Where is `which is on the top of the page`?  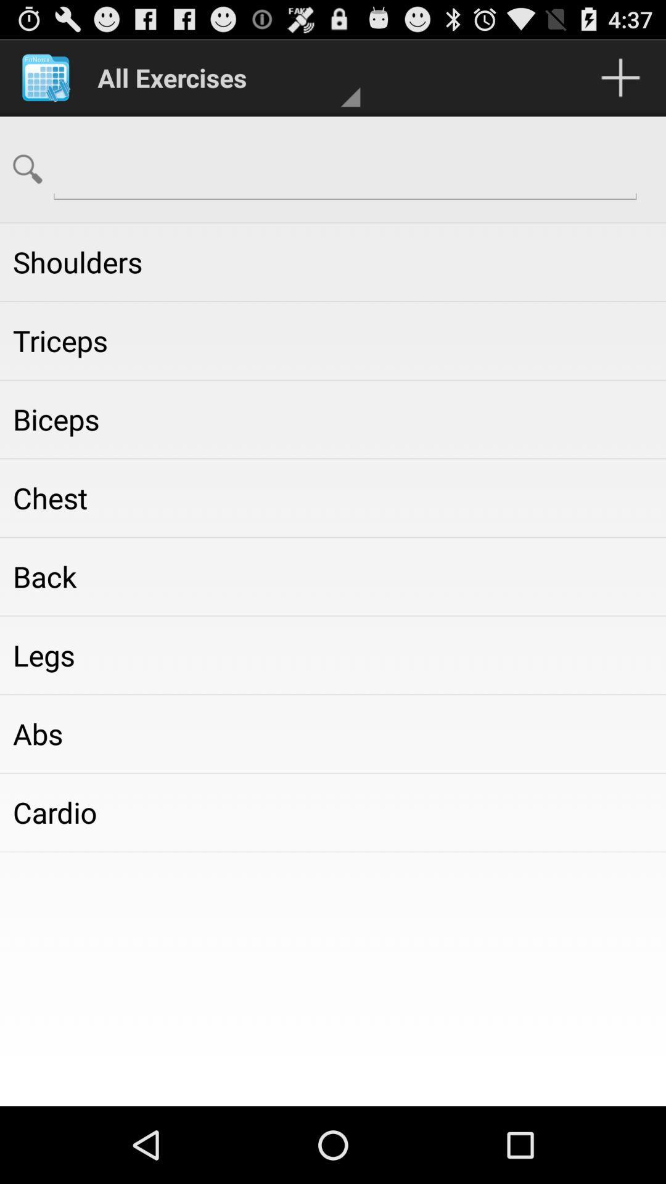 which is on the top of the page is located at coordinates (620, 76).